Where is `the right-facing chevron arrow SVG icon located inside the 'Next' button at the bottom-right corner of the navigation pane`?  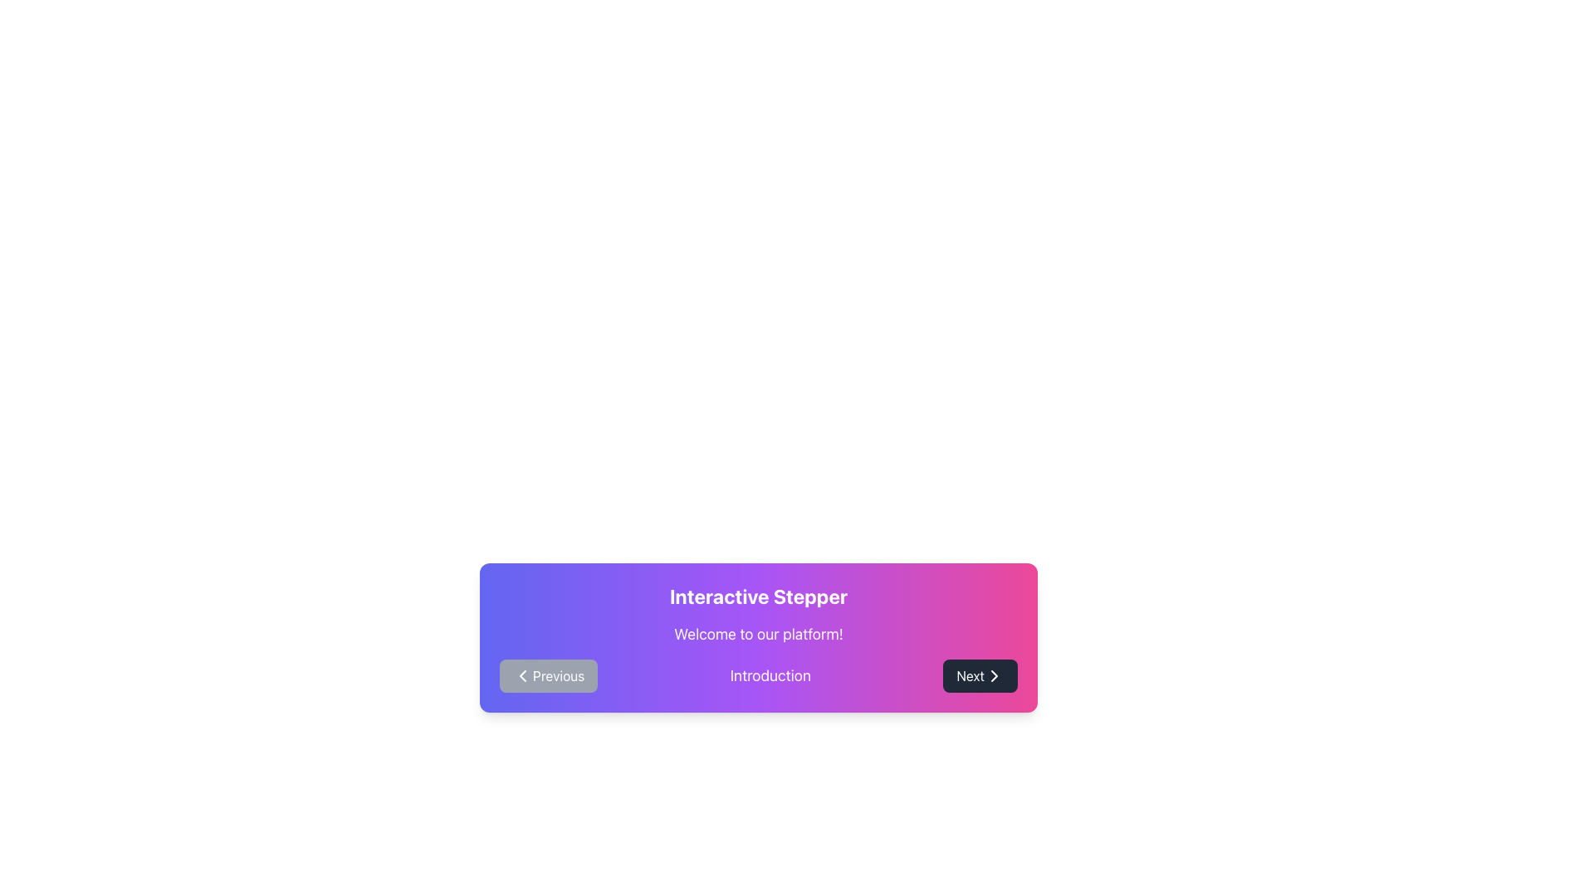
the right-facing chevron arrow SVG icon located inside the 'Next' button at the bottom-right corner of the navigation pane is located at coordinates (994, 675).